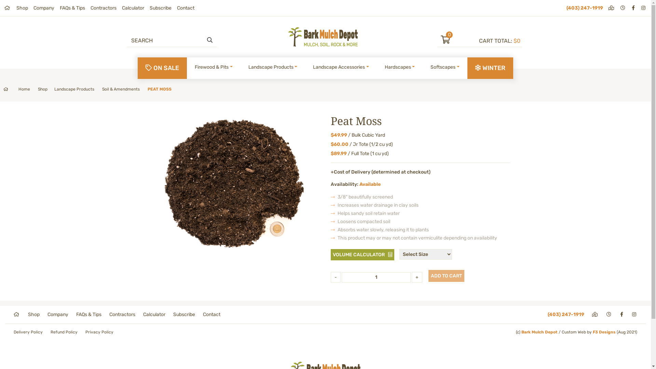 The image size is (656, 369). What do you see at coordinates (362, 255) in the screenshot?
I see `'VOLUME CALCULATOR'` at bounding box center [362, 255].